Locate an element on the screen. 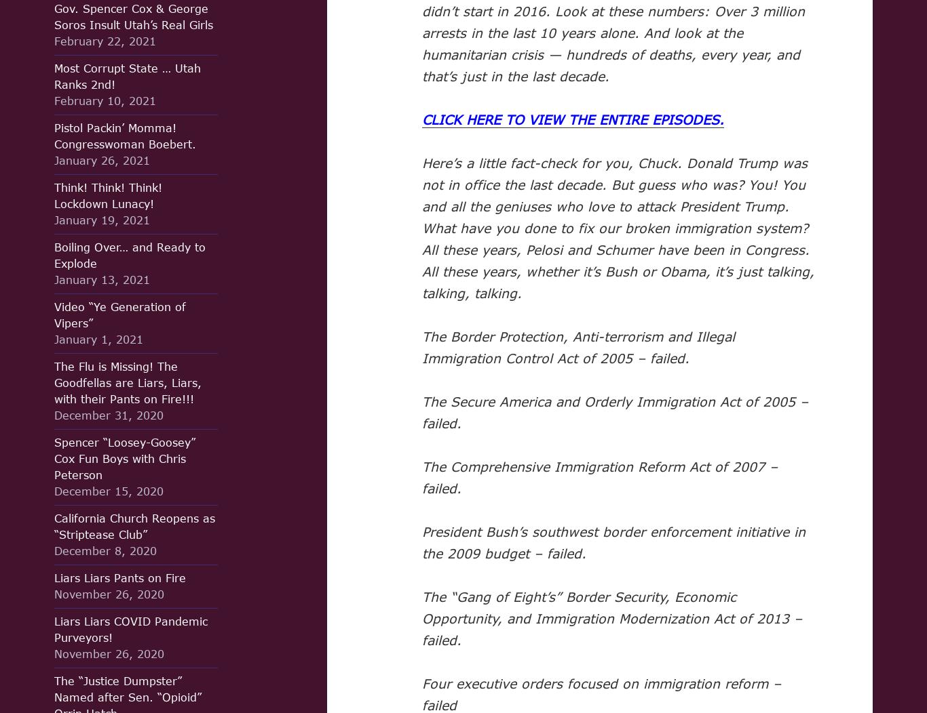  'January 19, 2021' is located at coordinates (101, 219).